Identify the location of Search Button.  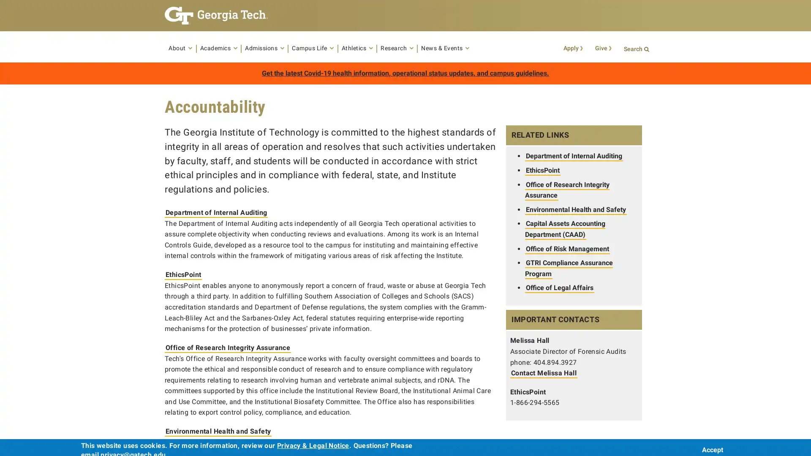
(610, 70).